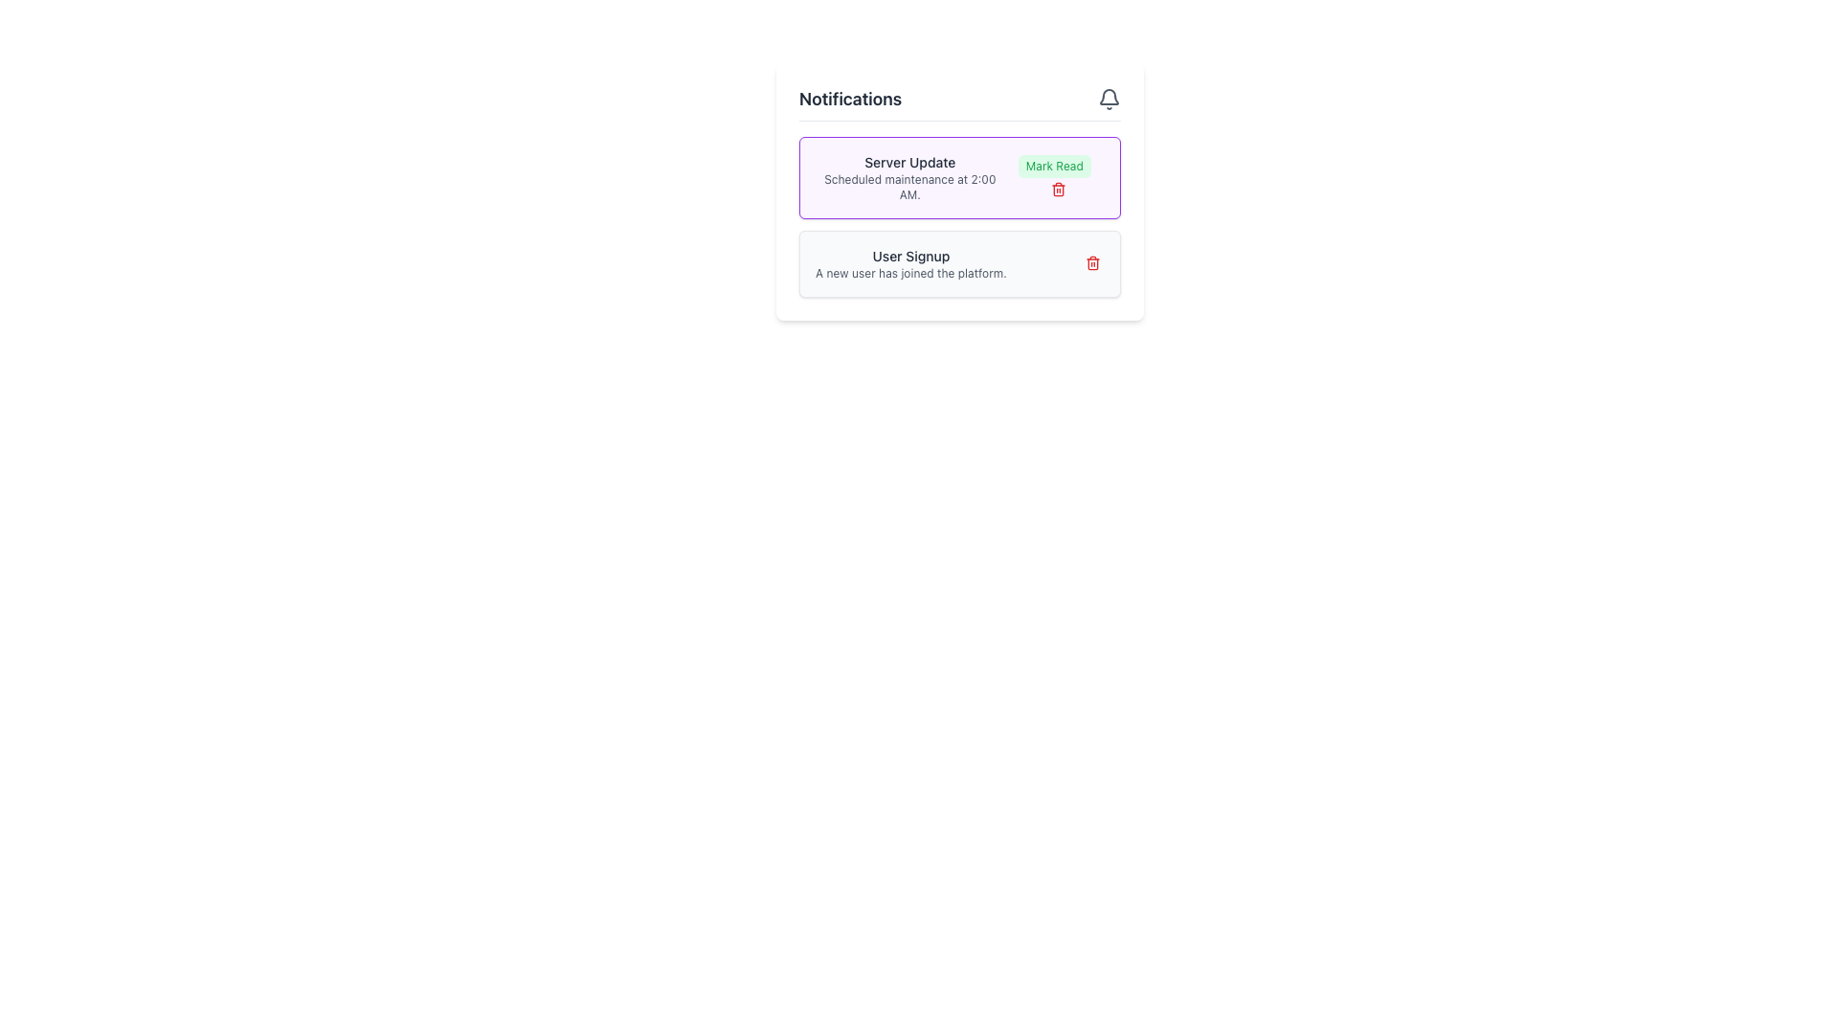 Image resolution: width=1838 pixels, height=1034 pixels. What do you see at coordinates (960, 264) in the screenshot?
I see `the Notification banner displaying 'User Signup'` at bounding box center [960, 264].